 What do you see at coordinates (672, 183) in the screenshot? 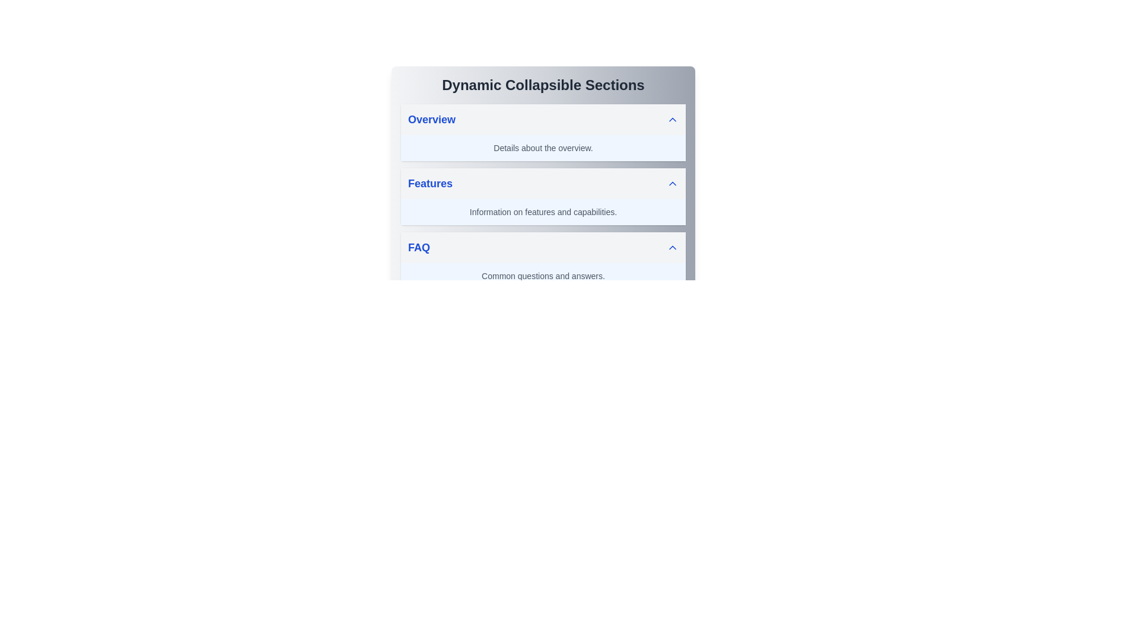
I see `the icon located at the far right of the 'Features' section header` at bounding box center [672, 183].